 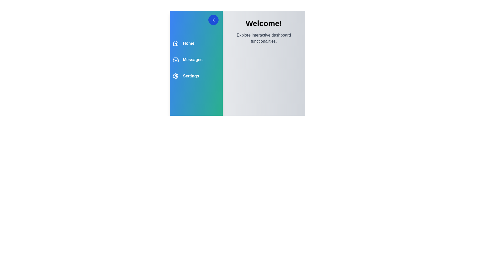 I want to click on the navigation button that redirects users to the 'Home' section, so click(x=183, y=43).